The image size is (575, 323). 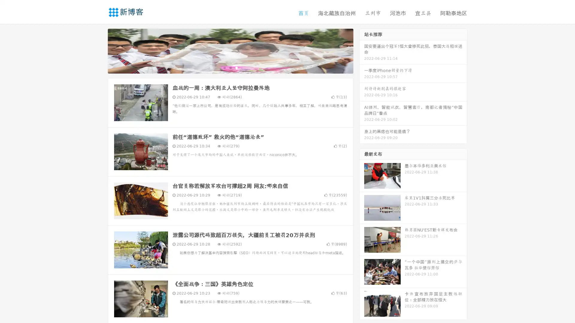 I want to click on Go to slide 3, so click(x=236, y=67).